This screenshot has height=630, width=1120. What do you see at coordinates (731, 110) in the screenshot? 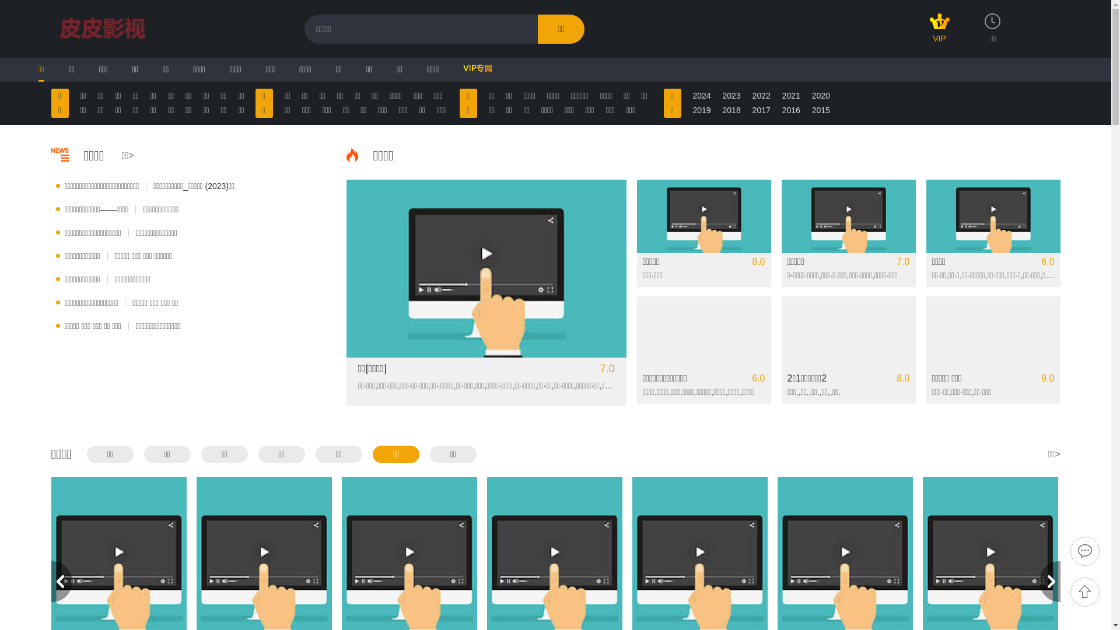
I see `'2018'` at bounding box center [731, 110].